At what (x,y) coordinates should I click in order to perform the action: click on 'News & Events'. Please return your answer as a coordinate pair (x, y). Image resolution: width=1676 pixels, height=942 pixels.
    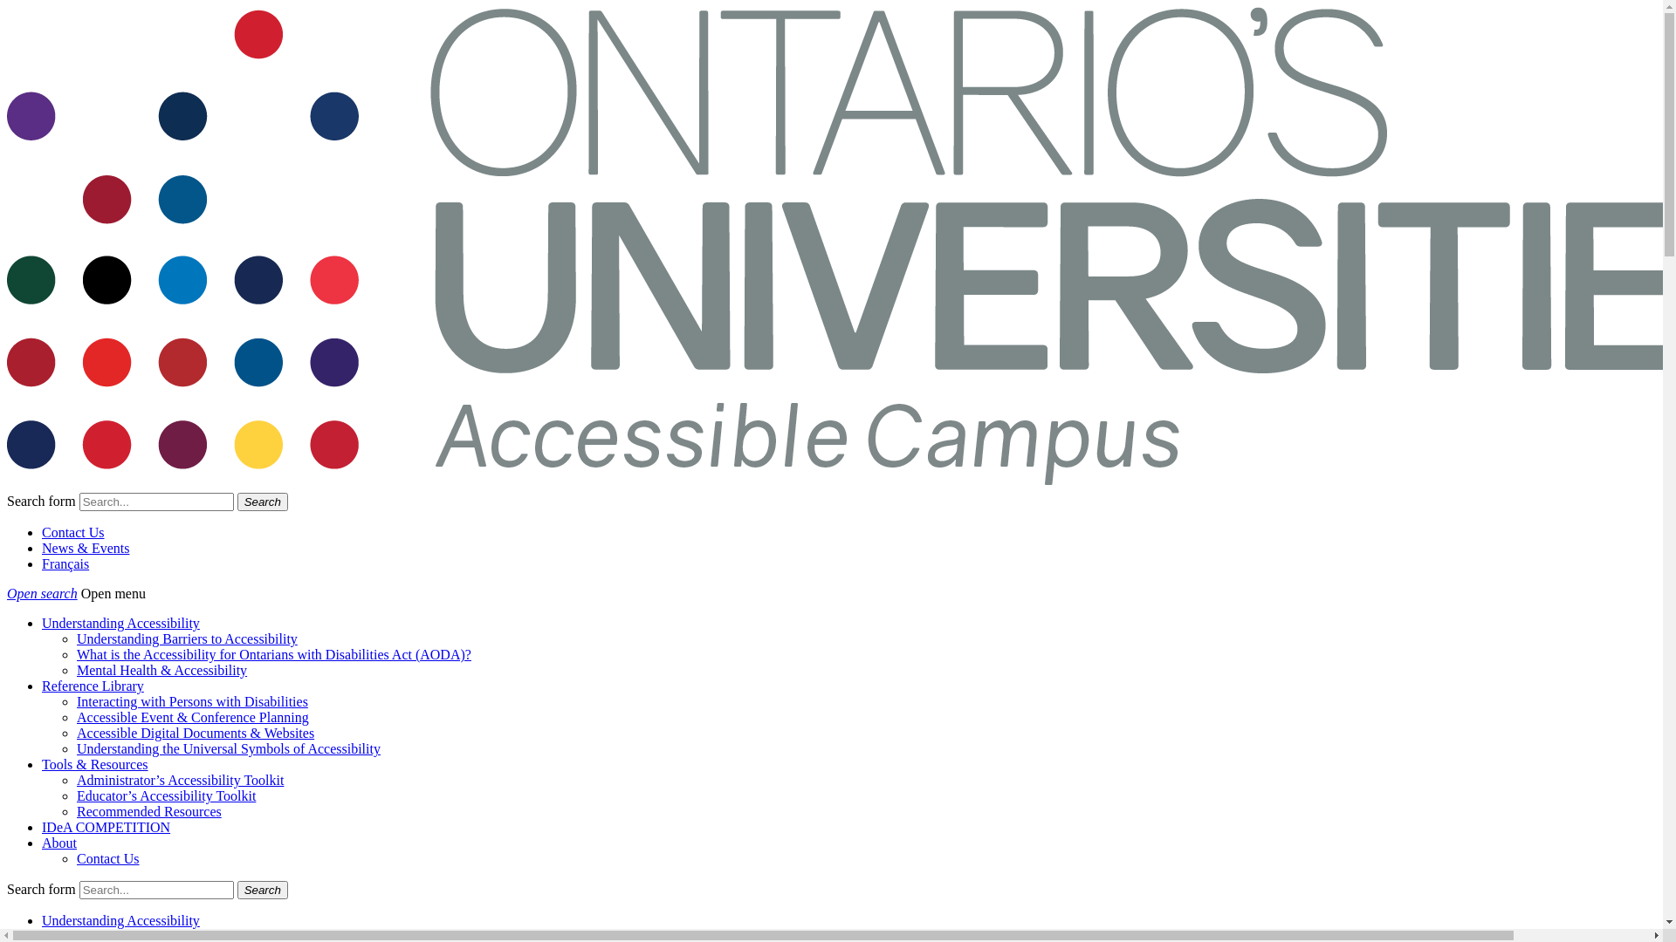
    Looking at the image, I should click on (84, 547).